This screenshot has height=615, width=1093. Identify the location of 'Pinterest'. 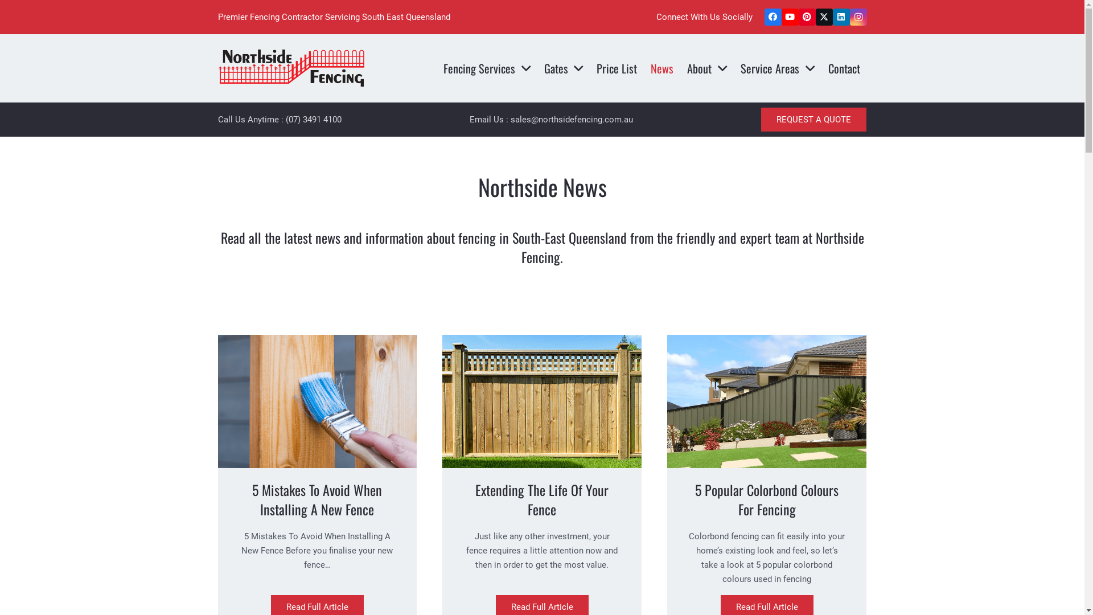
(797, 17).